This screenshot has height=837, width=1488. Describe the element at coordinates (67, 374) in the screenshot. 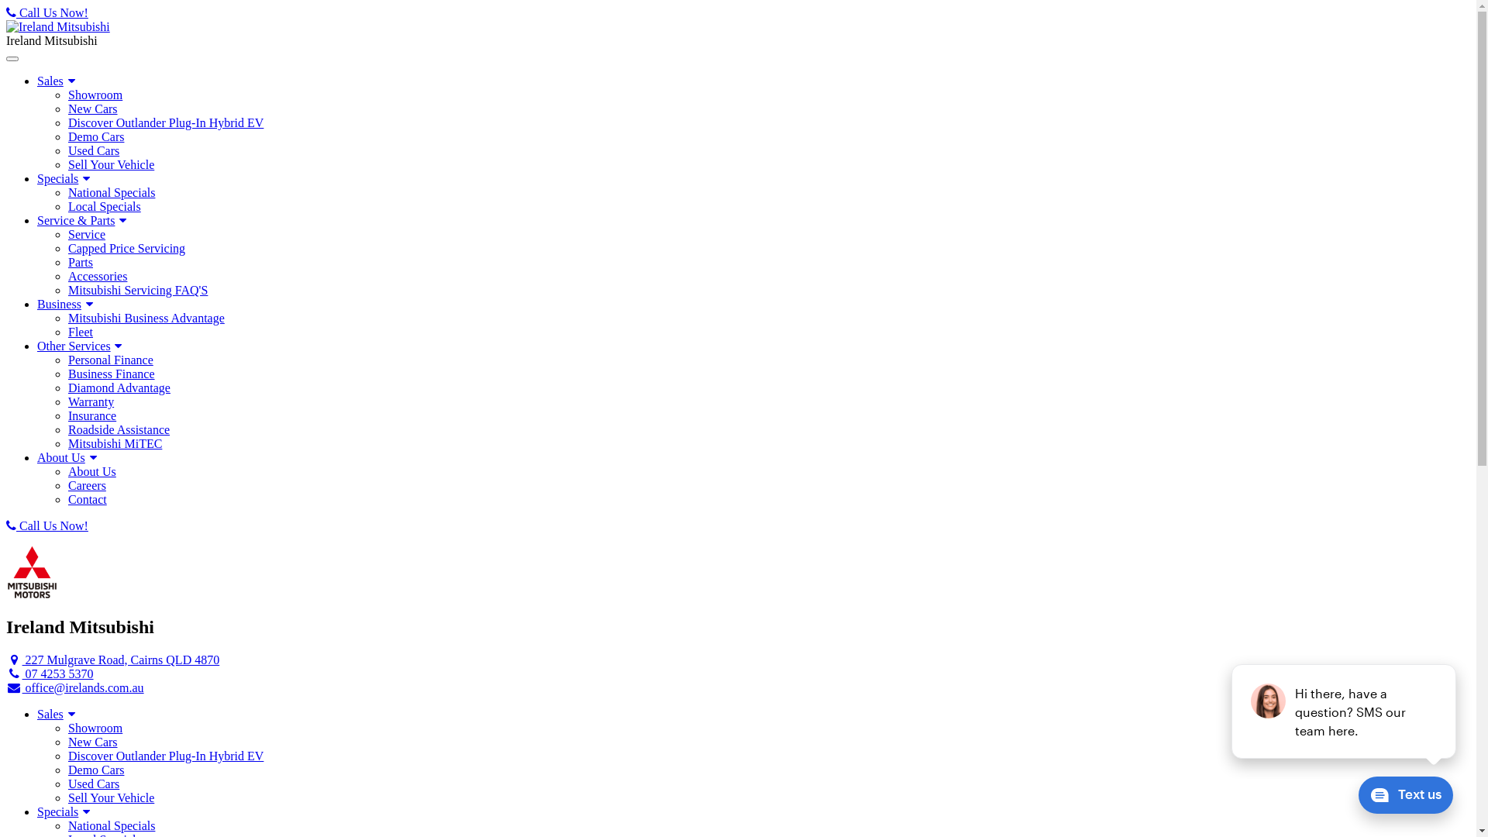

I see `'Business Finance'` at that location.